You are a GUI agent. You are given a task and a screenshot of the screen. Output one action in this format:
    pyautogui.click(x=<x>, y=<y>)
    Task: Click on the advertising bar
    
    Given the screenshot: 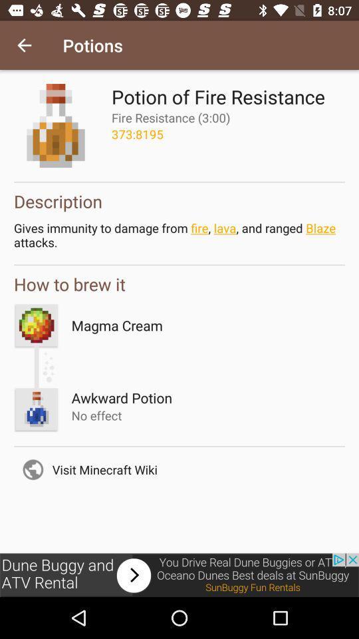 What is the action you would take?
    pyautogui.click(x=179, y=574)
    